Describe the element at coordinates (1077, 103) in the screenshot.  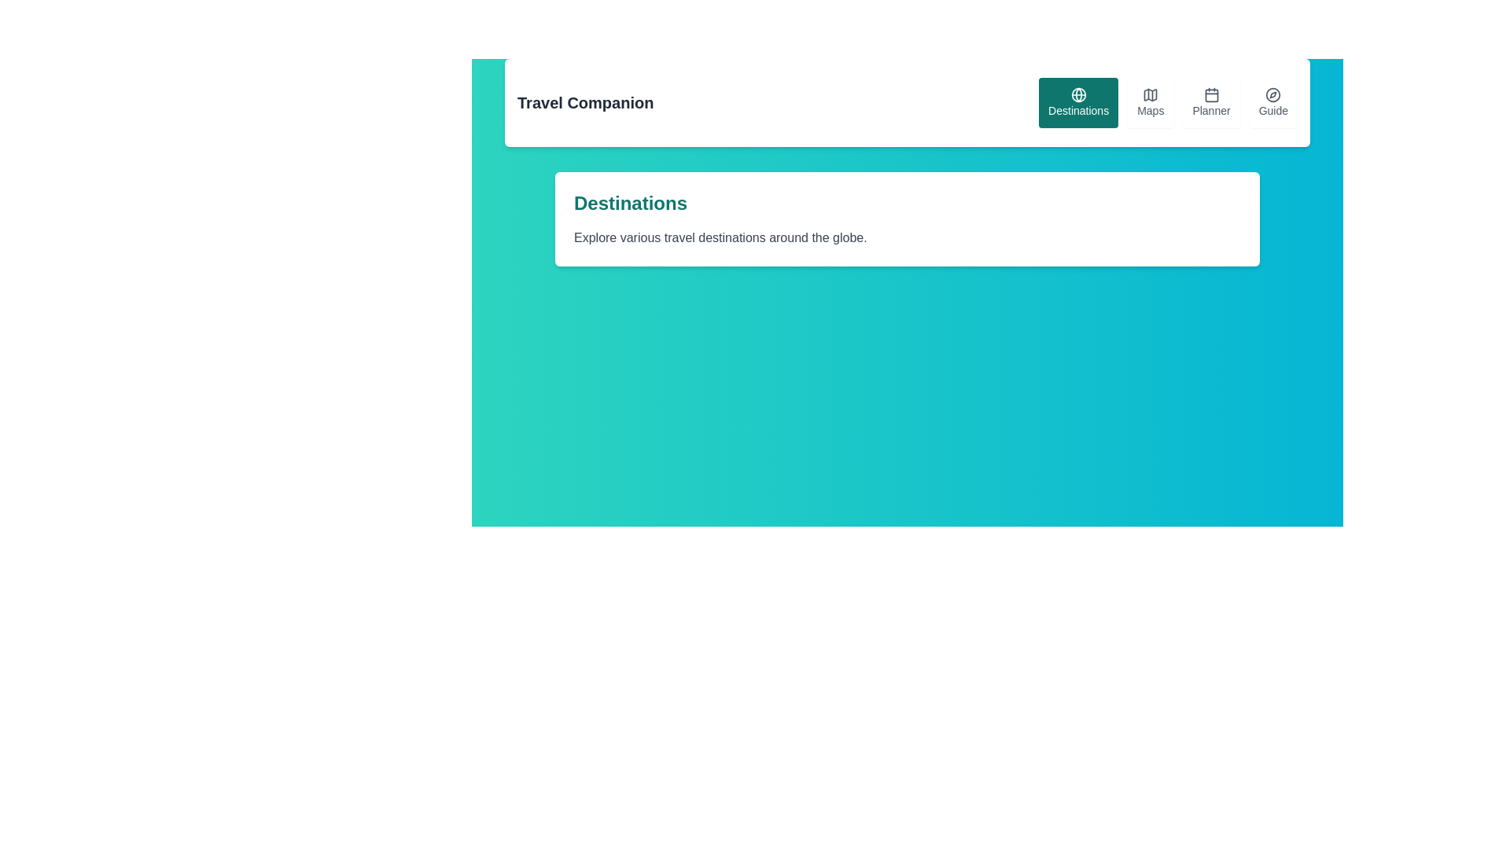
I see `the Destinations button in the top right section of the interface` at that location.